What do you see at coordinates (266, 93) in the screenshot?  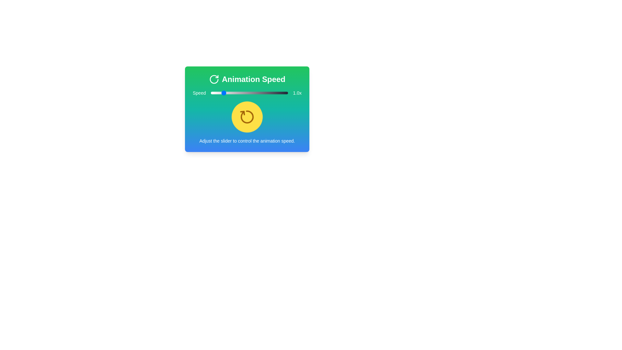 I see `the animation speed slider to set the speed to 3` at bounding box center [266, 93].